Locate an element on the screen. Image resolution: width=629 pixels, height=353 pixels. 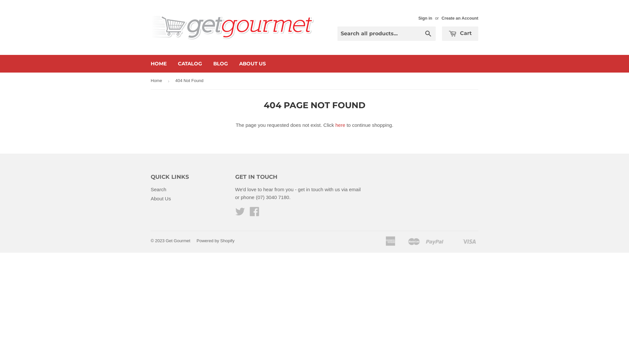
'About Us' is located at coordinates (161, 198).